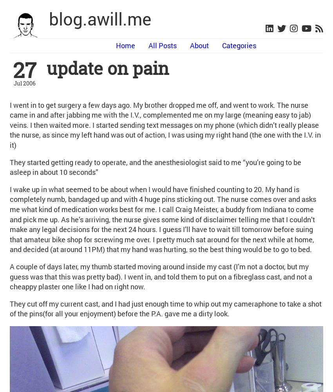 This screenshot has width=333, height=392. I want to click on 'All Posts', so click(162, 45).